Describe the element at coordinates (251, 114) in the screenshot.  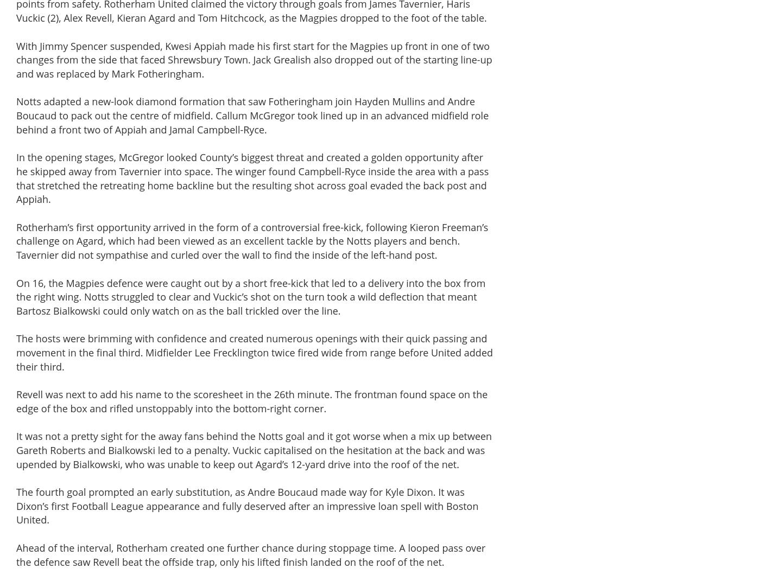
I see `'Notts adapted a new-look diamond formation that saw Fotheringham join Hayden Mullins and Andre Boucaud to pack out the centre of midfield. Callum McGregor took lined up in an advanced midfield role behind a front two of Appiah and Jamal Campbell-Ryce.'` at that location.